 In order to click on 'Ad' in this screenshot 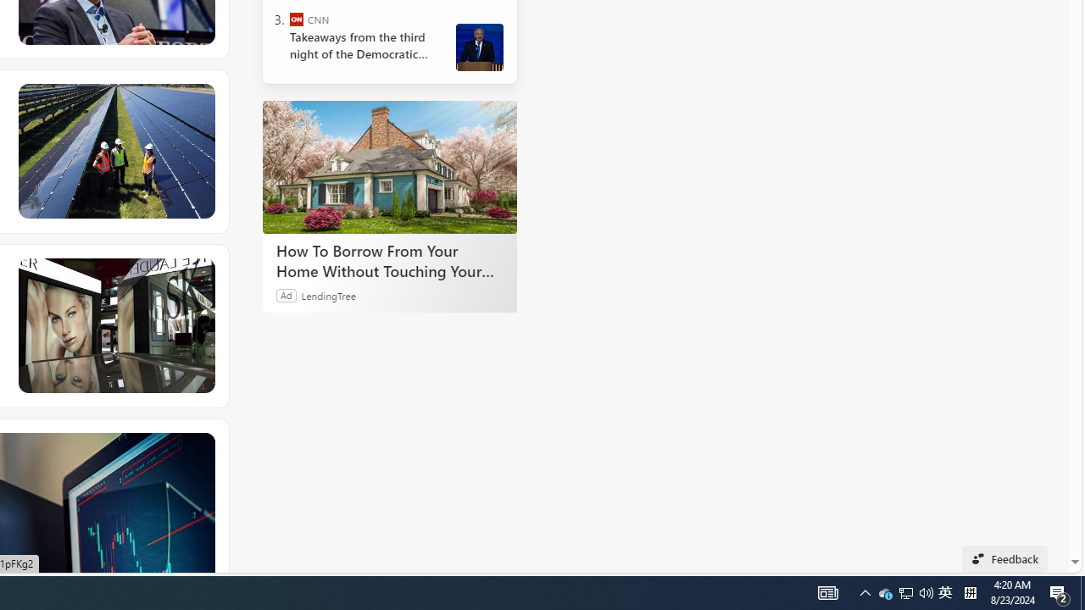, I will do `click(287, 294)`.